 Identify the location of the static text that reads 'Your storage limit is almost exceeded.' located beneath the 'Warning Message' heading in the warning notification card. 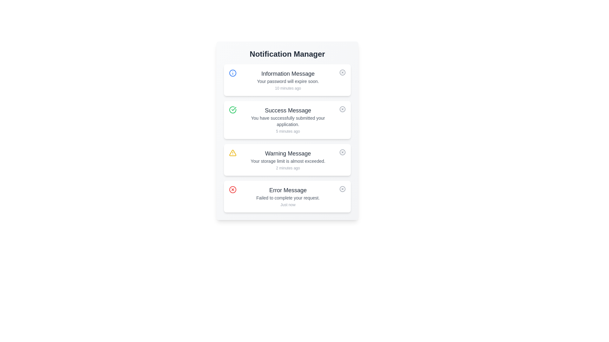
(287, 161).